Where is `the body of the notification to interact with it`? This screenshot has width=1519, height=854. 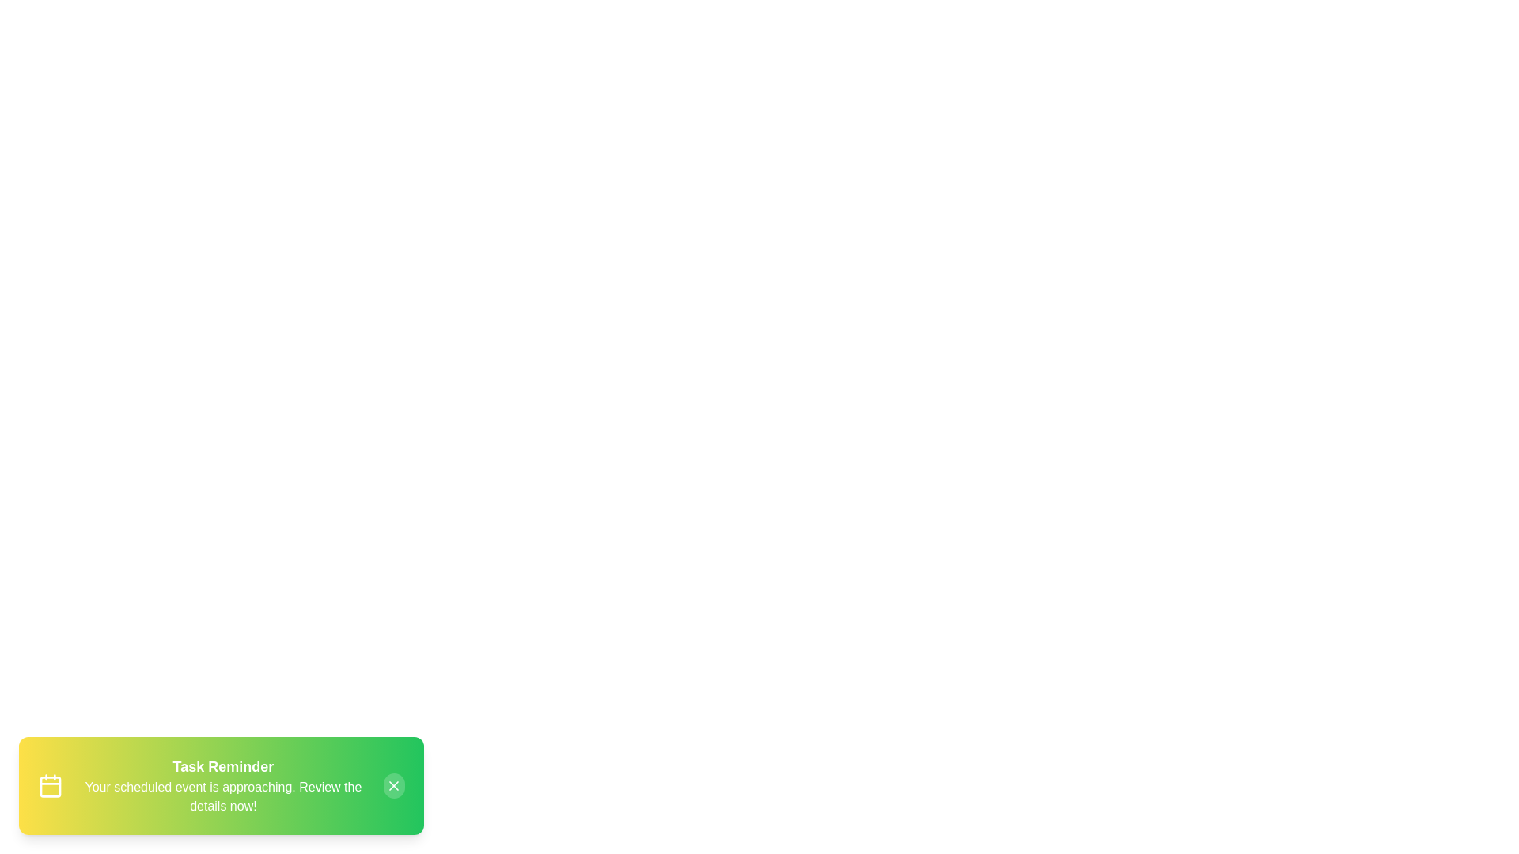
the body of the notification to interact with it is located at coordinates (220, 786).